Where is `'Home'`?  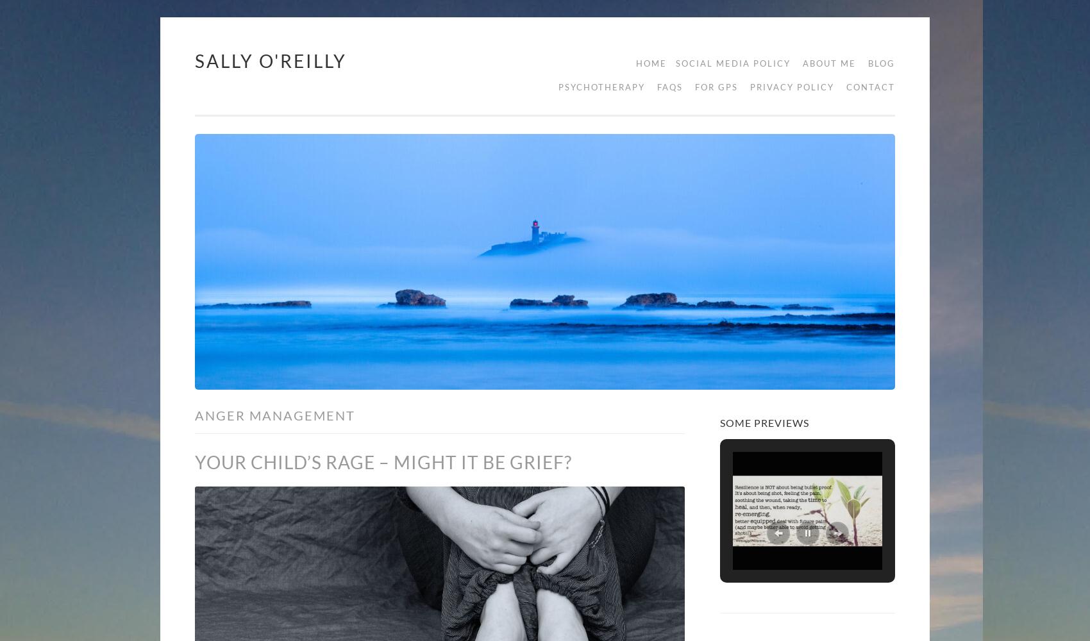
'Home' is located at coordinates (635, 63).